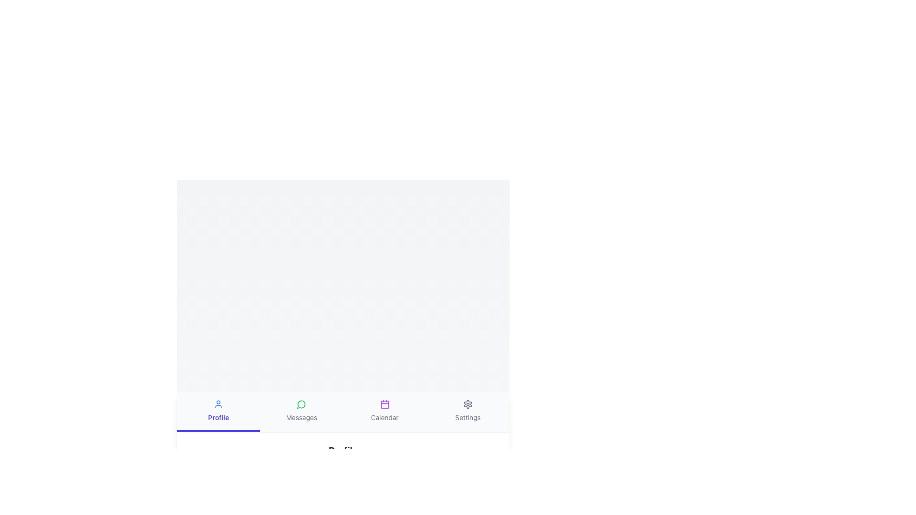 The width and height of the screenshot is (916, 515). Describe the element at coordinates (218, 411) in the screenshot. I see `the Profile button, which features a user icon in blue and a purple text label` at that location.